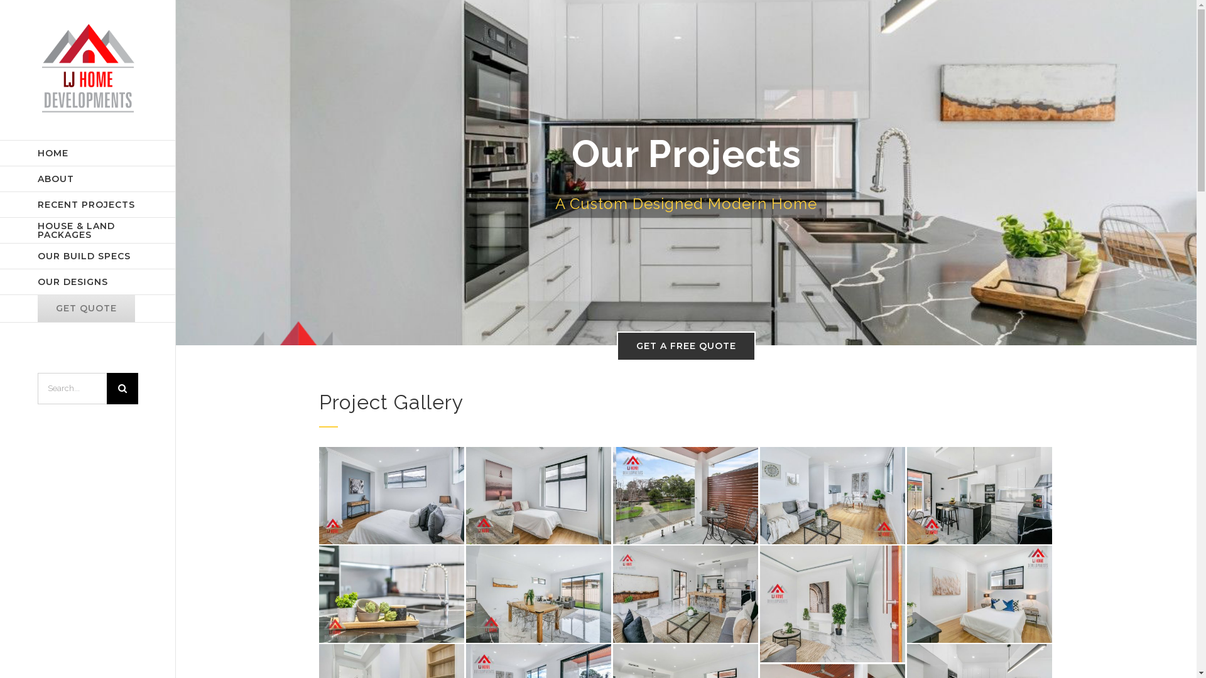  I want to click on '15', so click(538, 495).